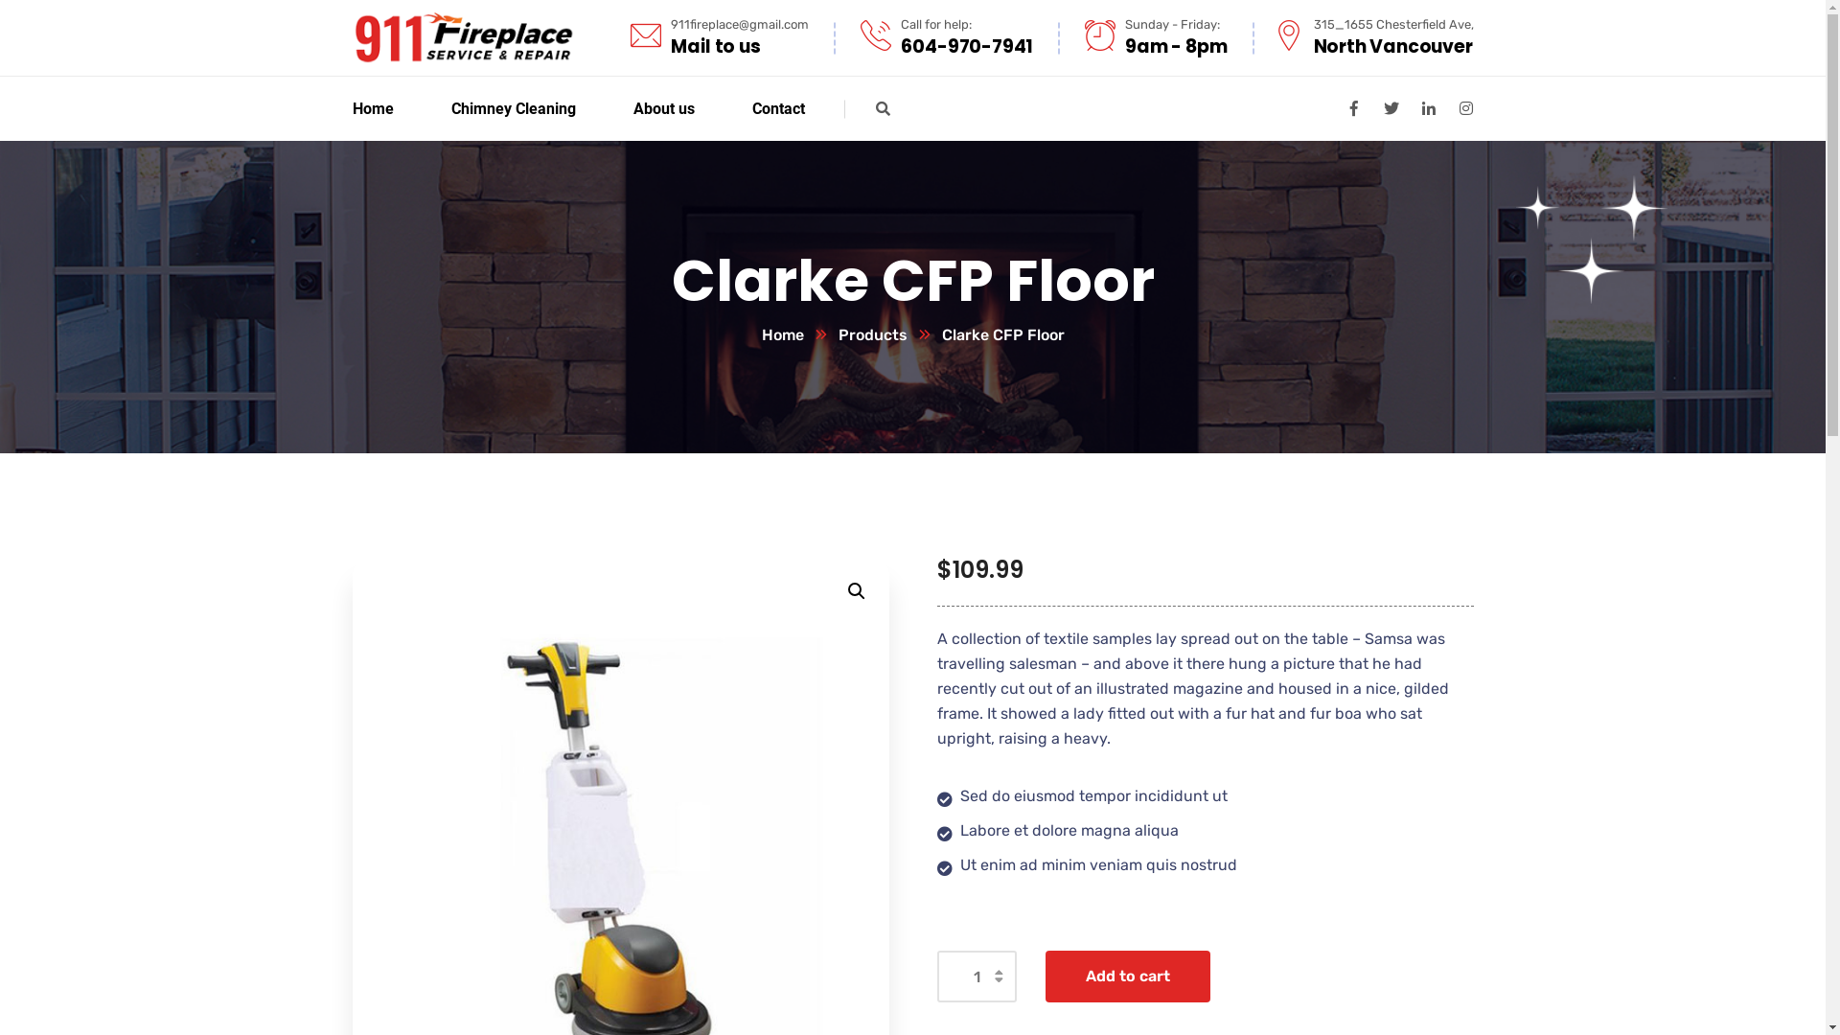 The height and width of the screenshot is (1035, 1840). Describe the element at coordinates (512, 108) in the screenshot. I see `'Chimney Cleaning'` at that location.